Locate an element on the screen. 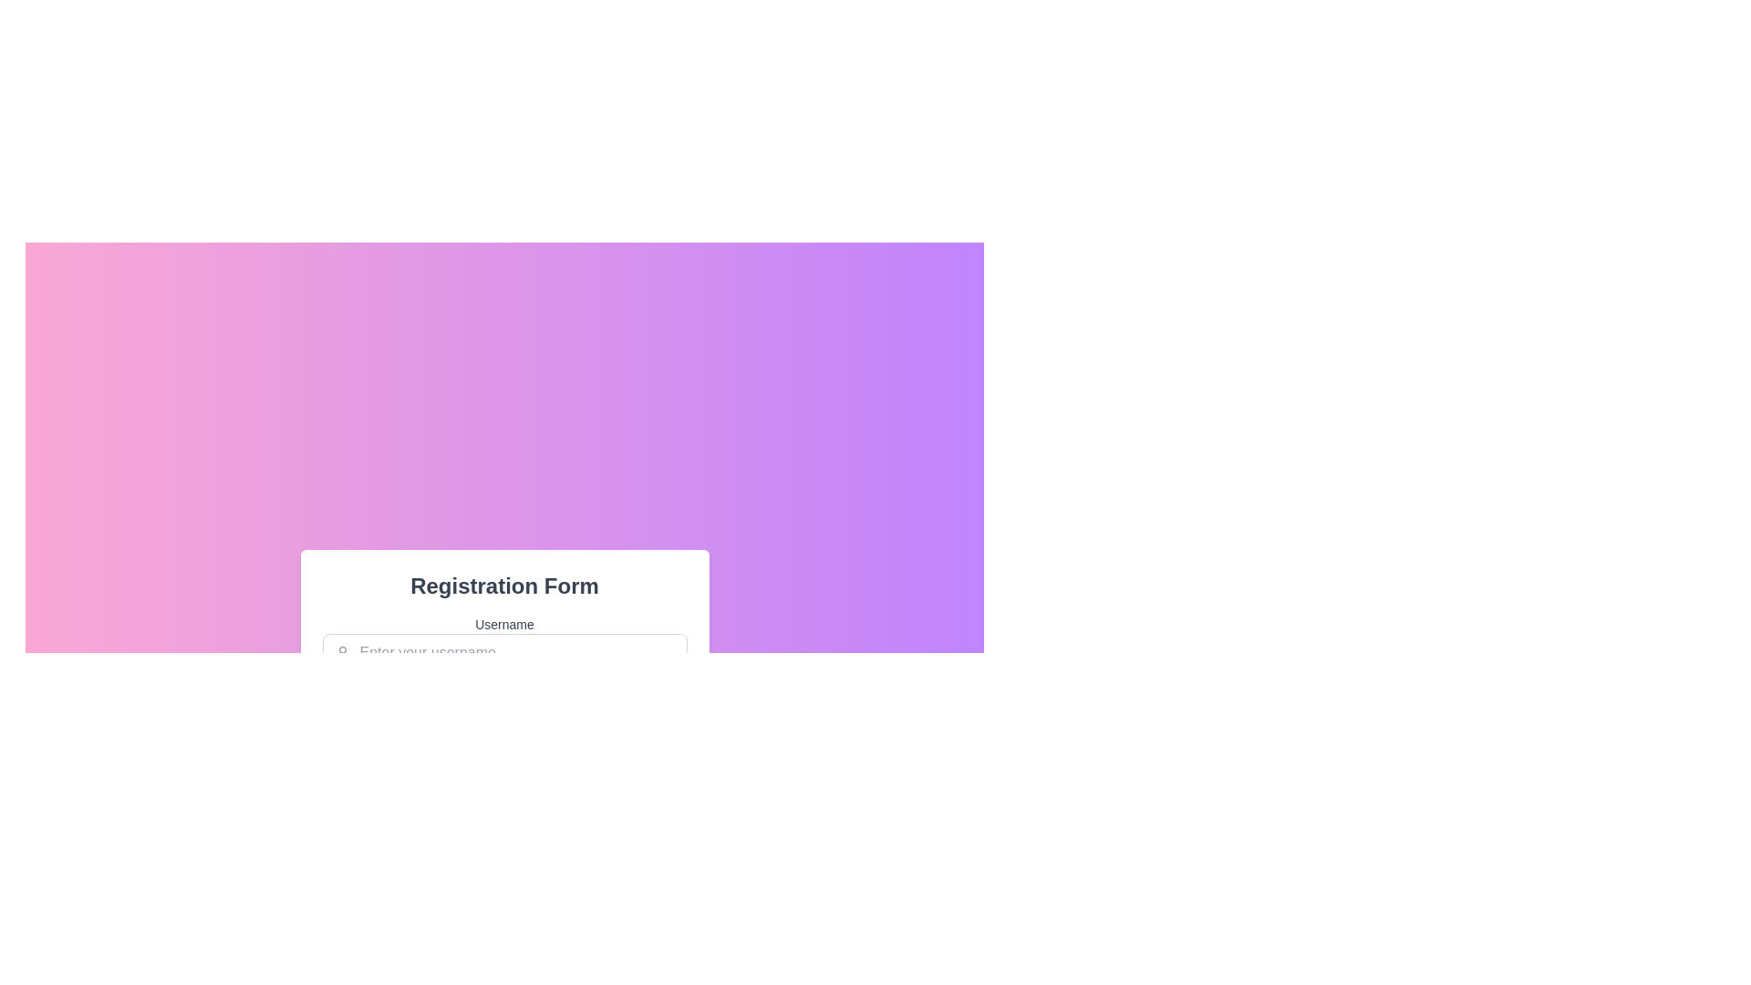 Image resolution: width=1751 pixels, height=985 pixels. the small user-shaped profile icon, which is gray and located within the username input field, positioned near the top-left corner is located at coordinates (342, 653).